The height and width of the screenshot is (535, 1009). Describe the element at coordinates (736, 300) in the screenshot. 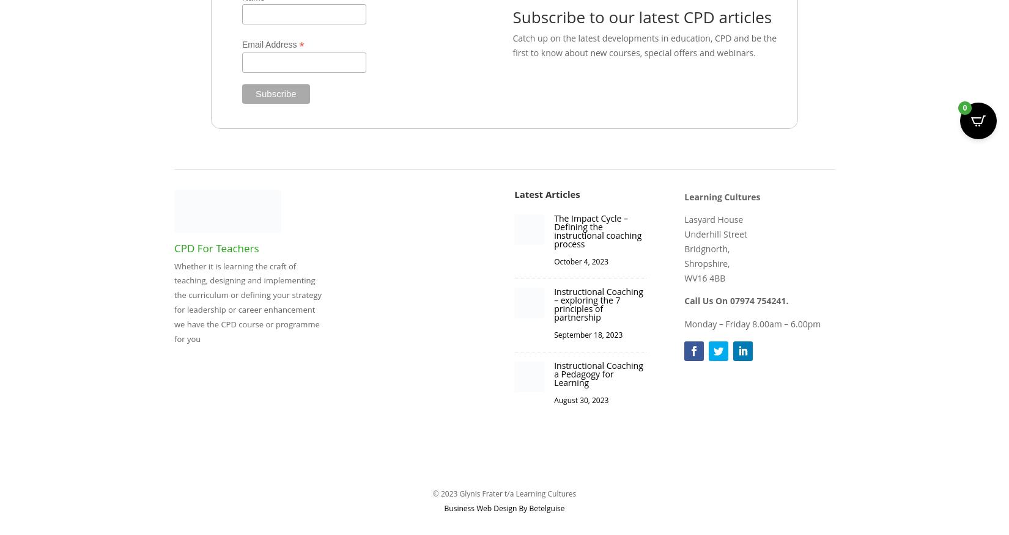

I see `'Call Us On 07974 754241.'` at that location.